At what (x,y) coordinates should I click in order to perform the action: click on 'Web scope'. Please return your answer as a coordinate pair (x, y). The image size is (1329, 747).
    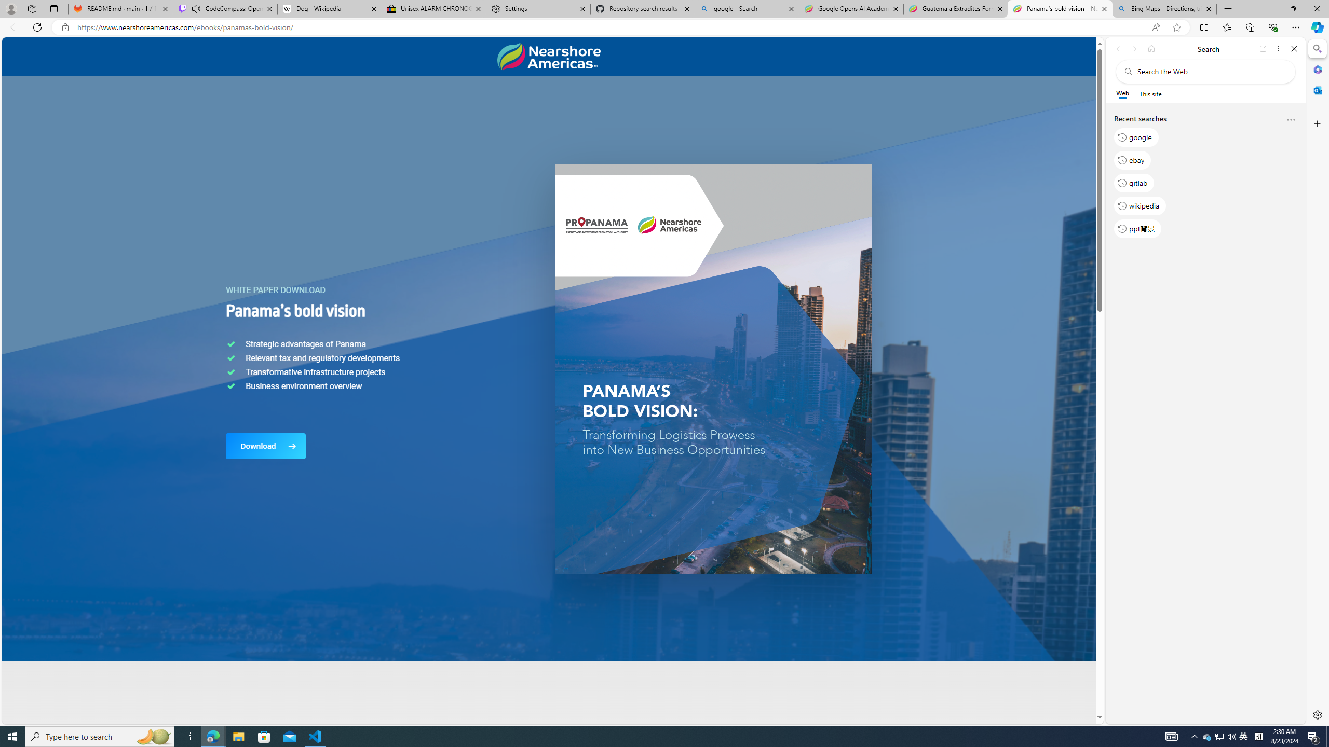
    Looking at the image, I should click on (1122, 93).